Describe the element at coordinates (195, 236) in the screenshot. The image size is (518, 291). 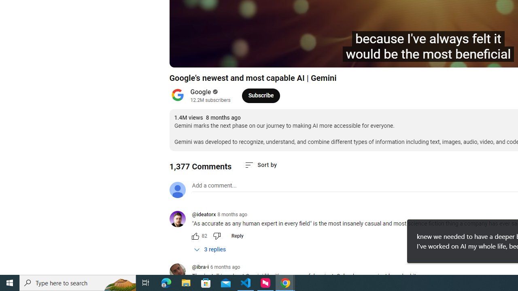
I see `'Like this comment along with 82 other people'` at that location.